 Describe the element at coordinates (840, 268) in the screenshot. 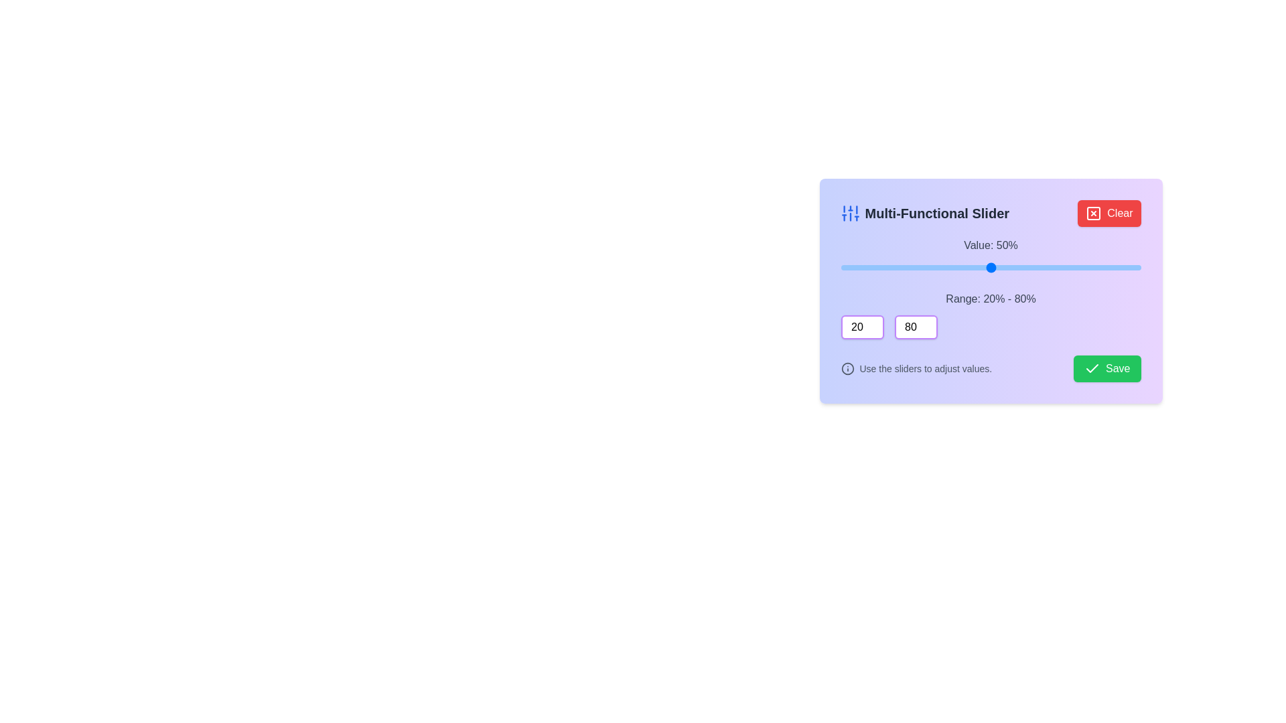

I see `the slider value` at that location.